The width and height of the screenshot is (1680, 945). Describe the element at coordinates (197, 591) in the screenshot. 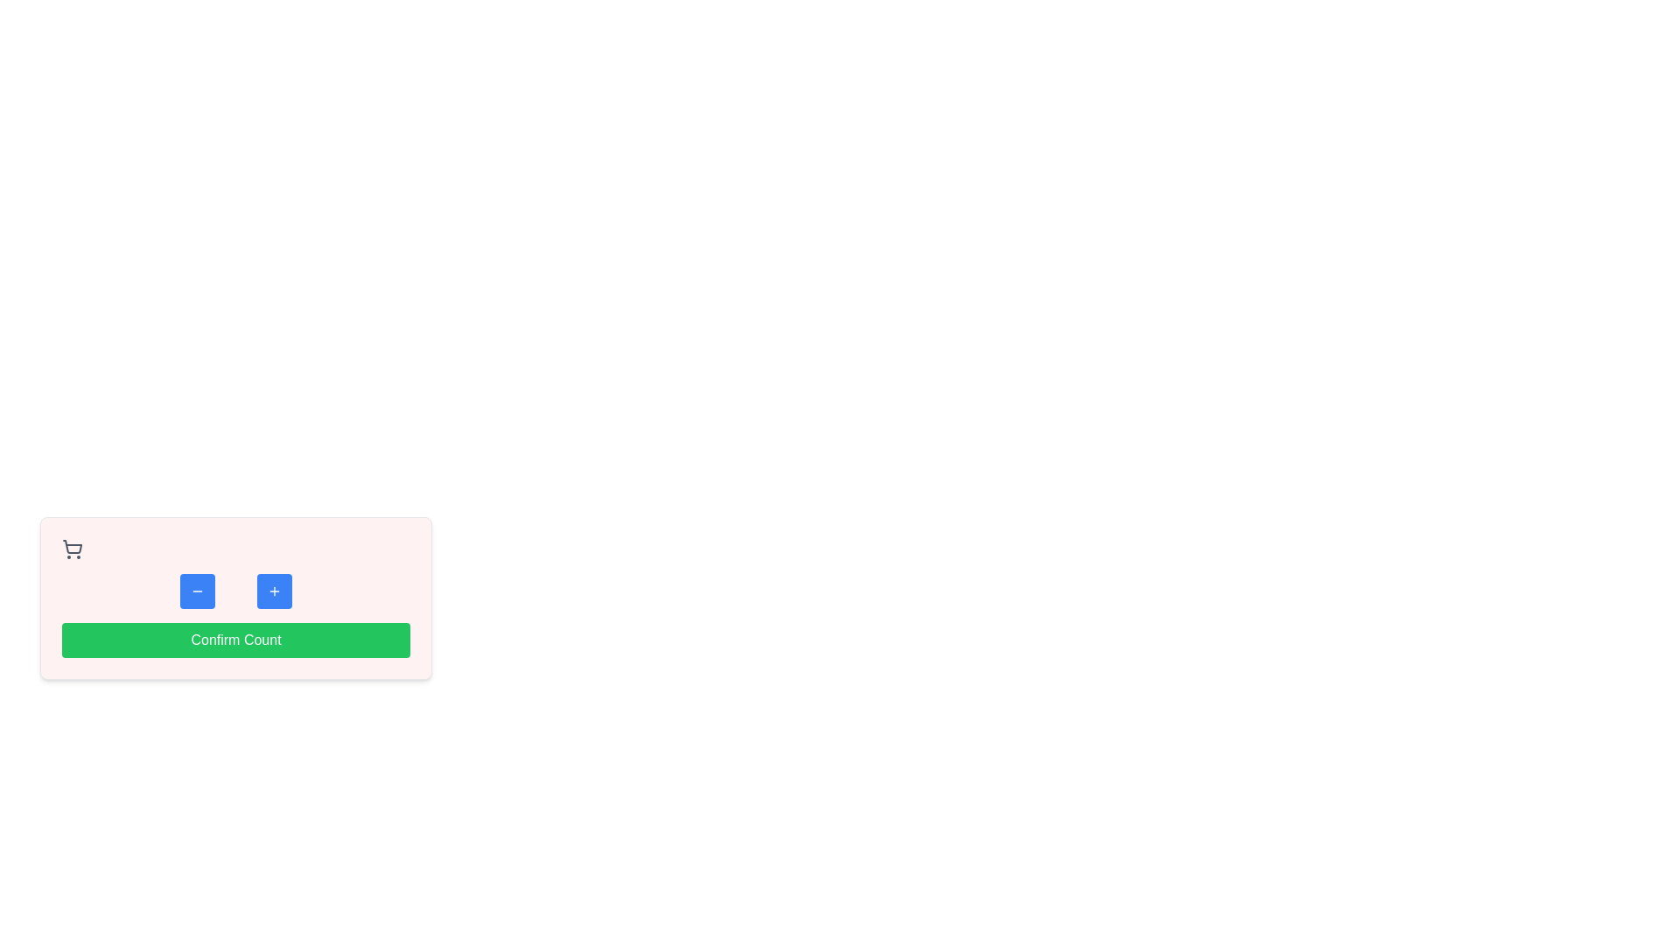

I see `the leftmost button that features a minus symbol within a blue square, located above the green 'Confirm Count' button` at that location.